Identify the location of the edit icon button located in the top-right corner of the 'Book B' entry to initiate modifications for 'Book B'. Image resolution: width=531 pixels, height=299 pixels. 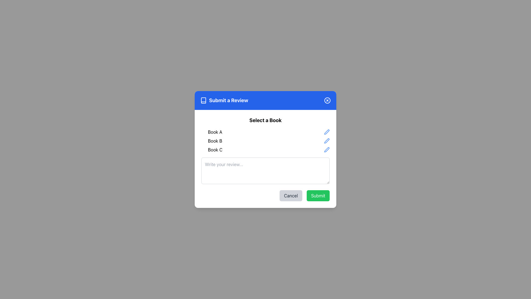
(327, 141).